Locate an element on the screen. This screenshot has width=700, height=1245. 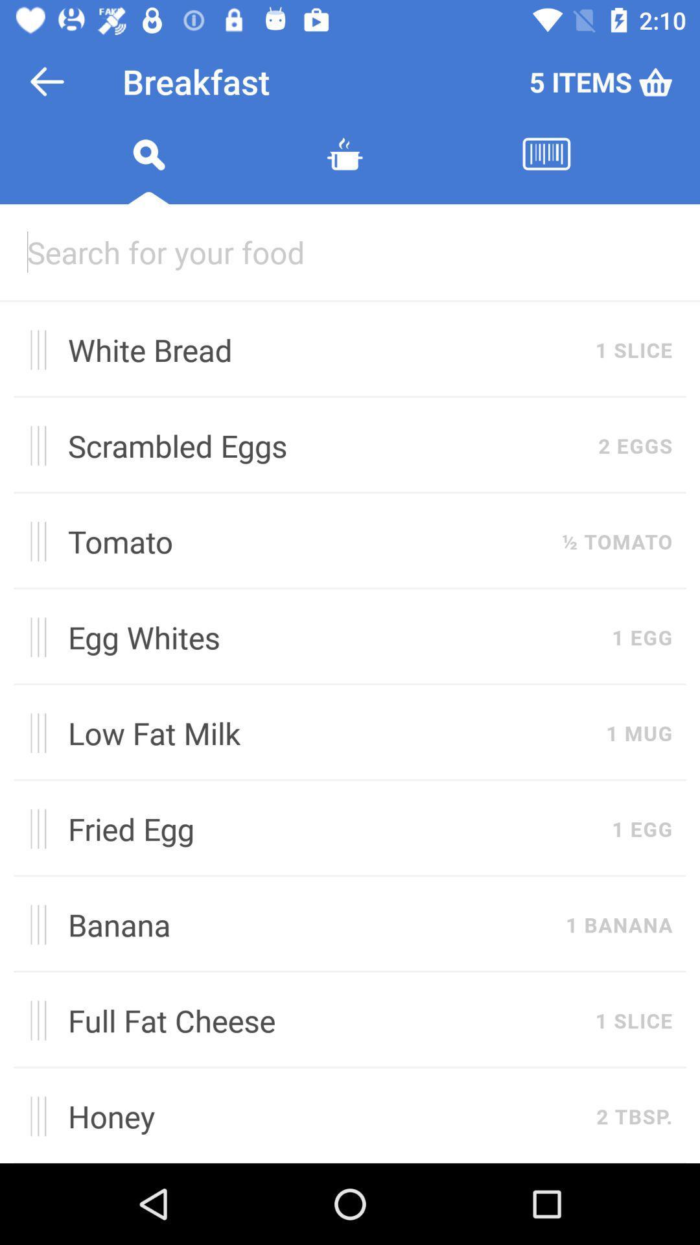
the book icon is located at coordinates (546, 169).